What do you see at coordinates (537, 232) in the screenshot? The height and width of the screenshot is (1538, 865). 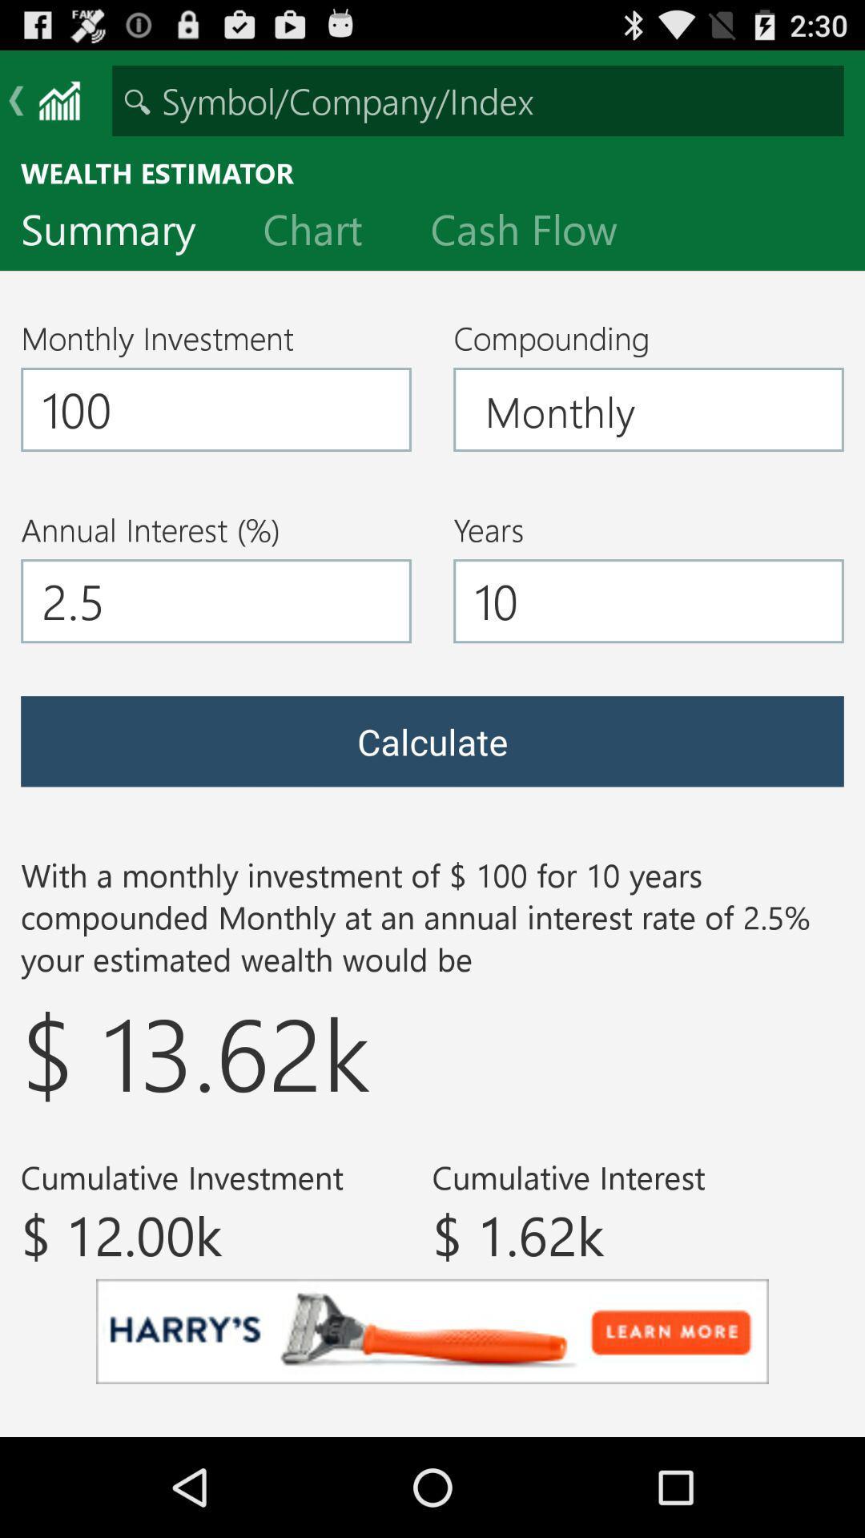 I see `the item to the right of chart icon` at bounding box center [537, 232].